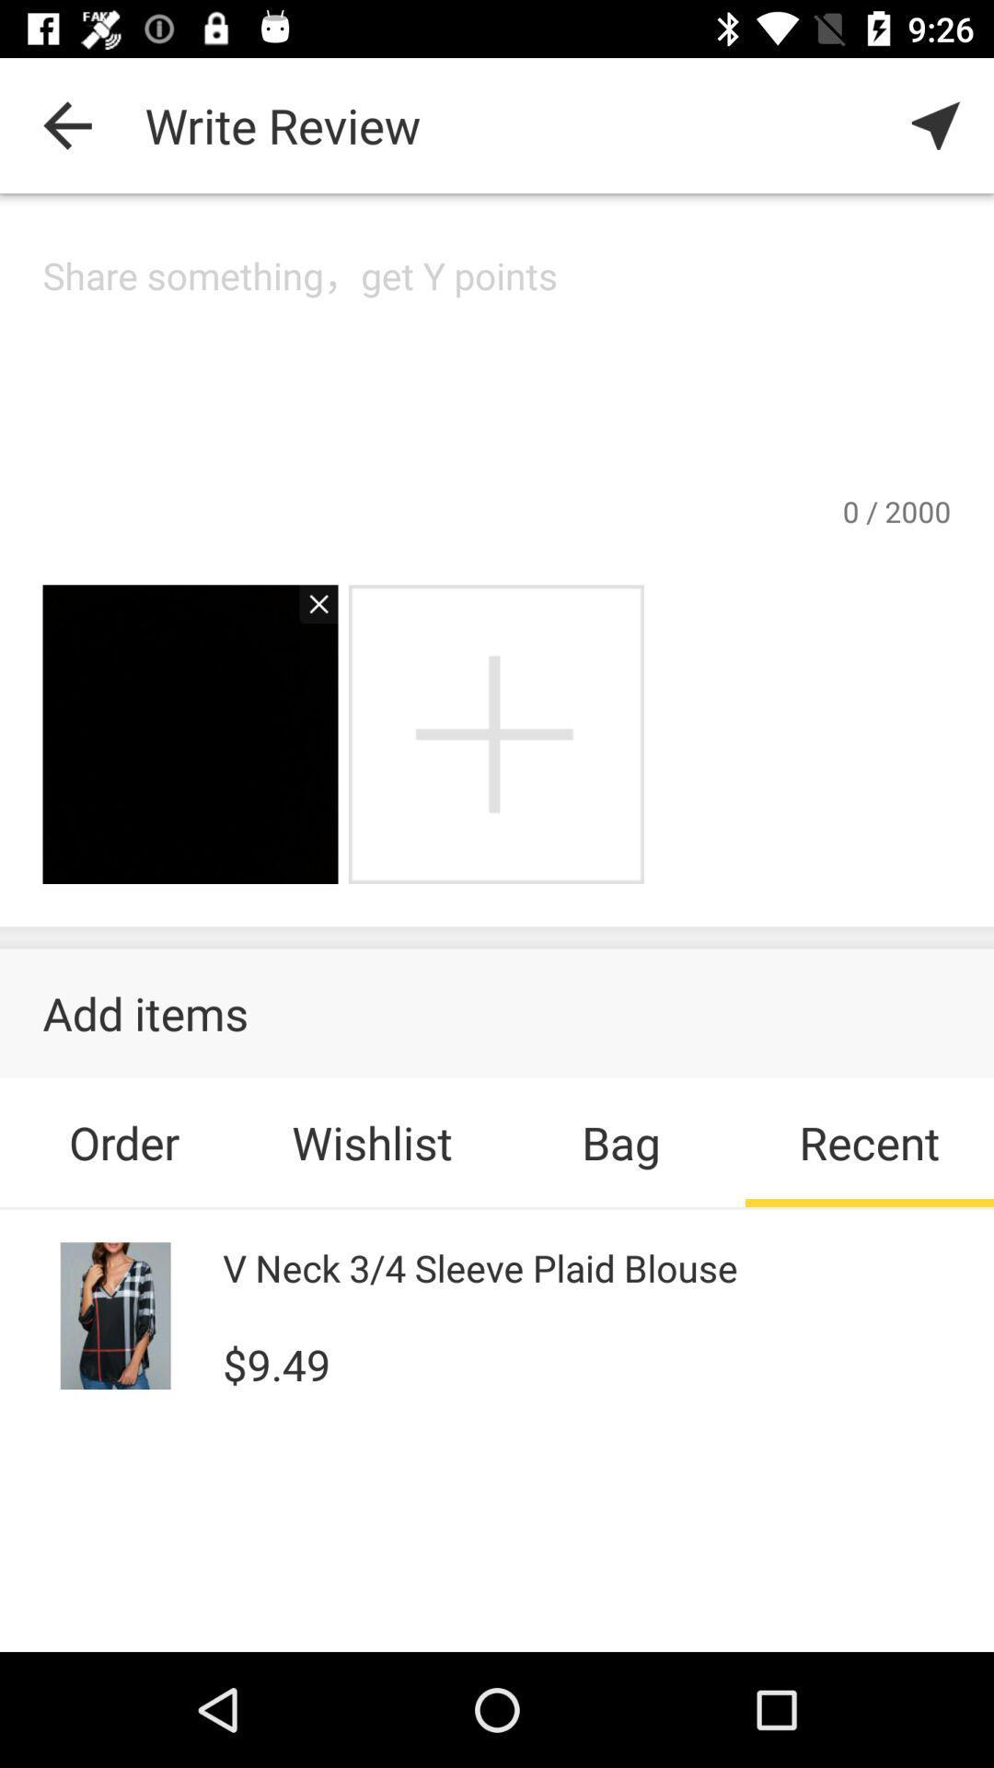 This screenshot has height=1768, width=994. I want to click on type text, so click(497, 369).